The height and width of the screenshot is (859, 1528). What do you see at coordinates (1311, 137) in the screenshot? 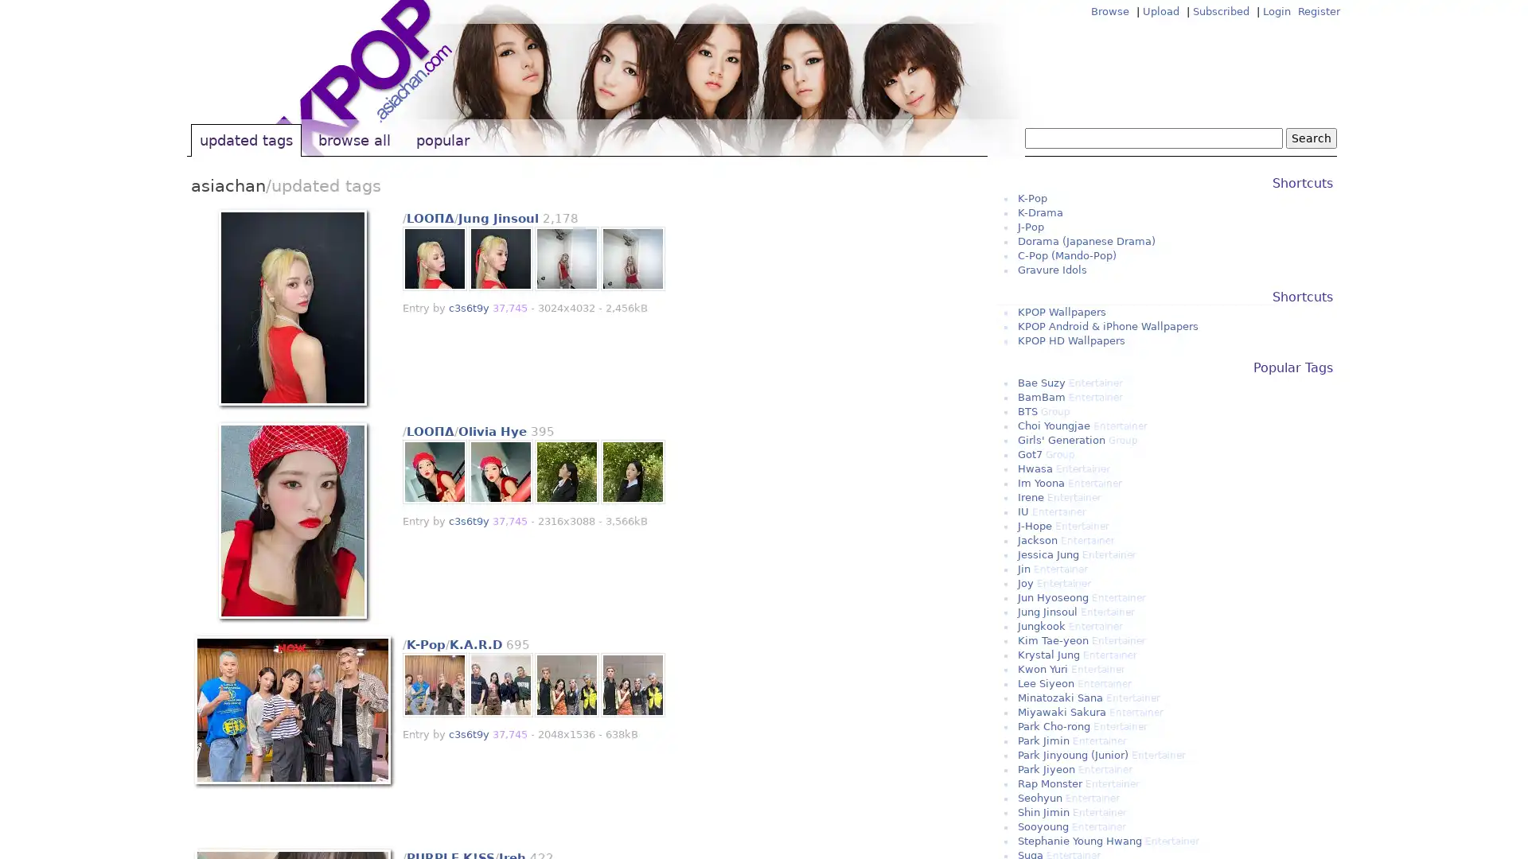
I see `Search` at bounding box center [1311, 137].